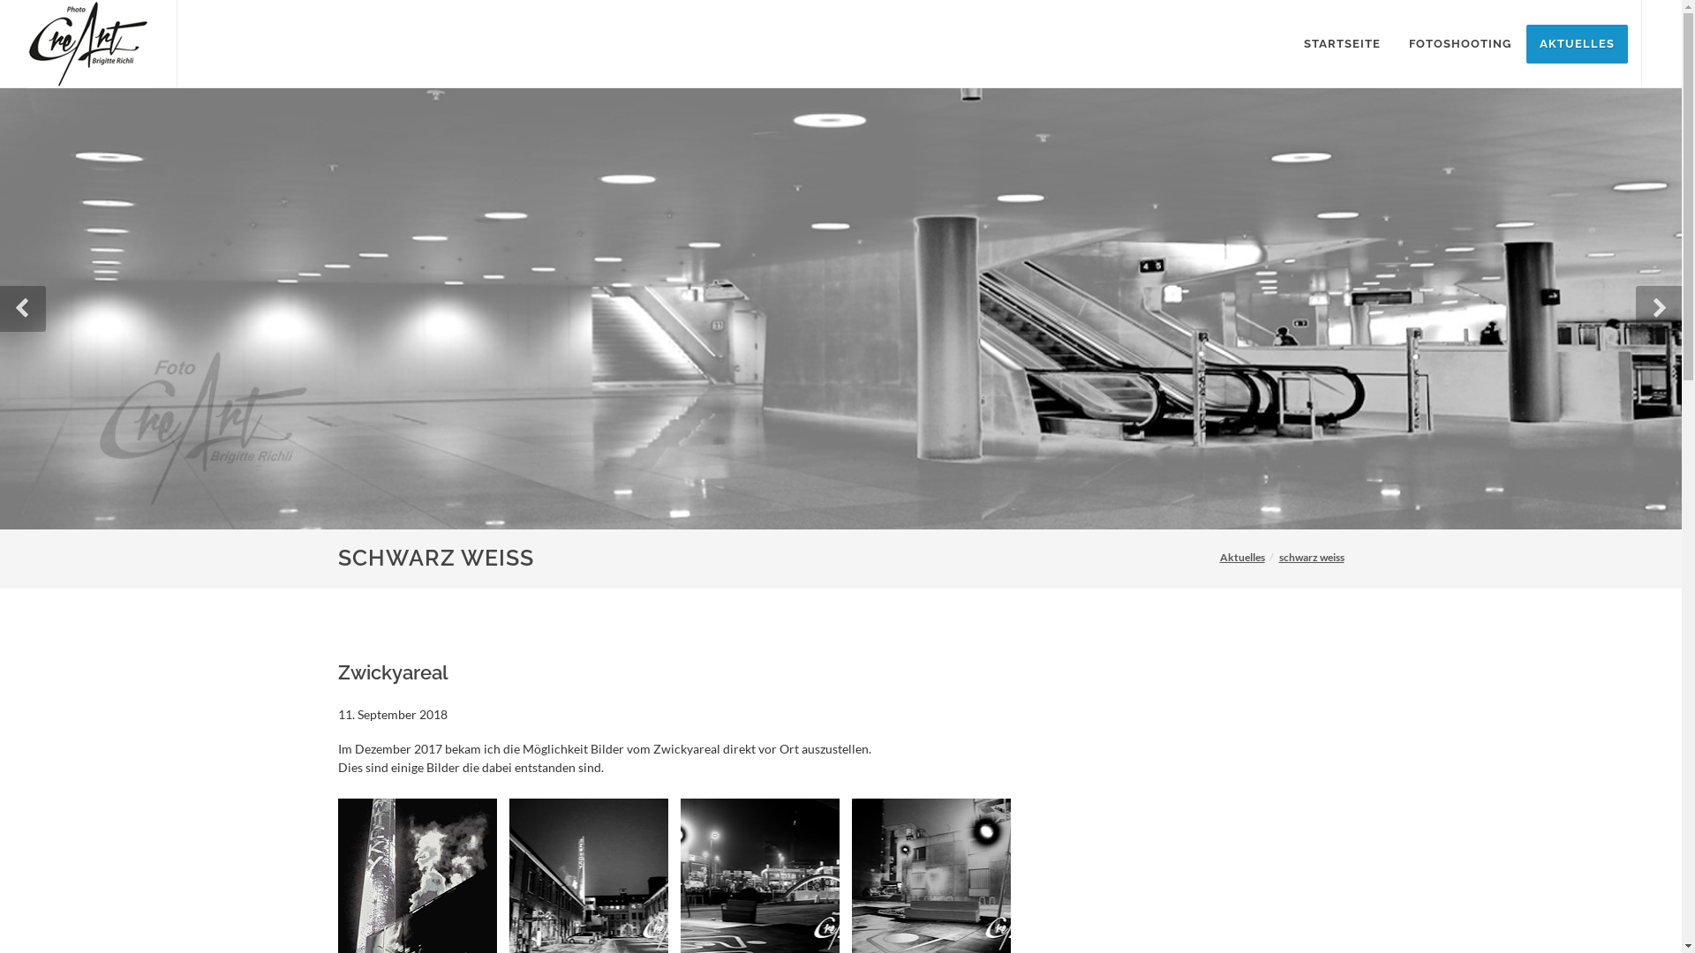 The image size is (1695, 953). Describe the element at coordinates (1525, 43) in the screenshot. I see `'AKTUELLES'` at that location.